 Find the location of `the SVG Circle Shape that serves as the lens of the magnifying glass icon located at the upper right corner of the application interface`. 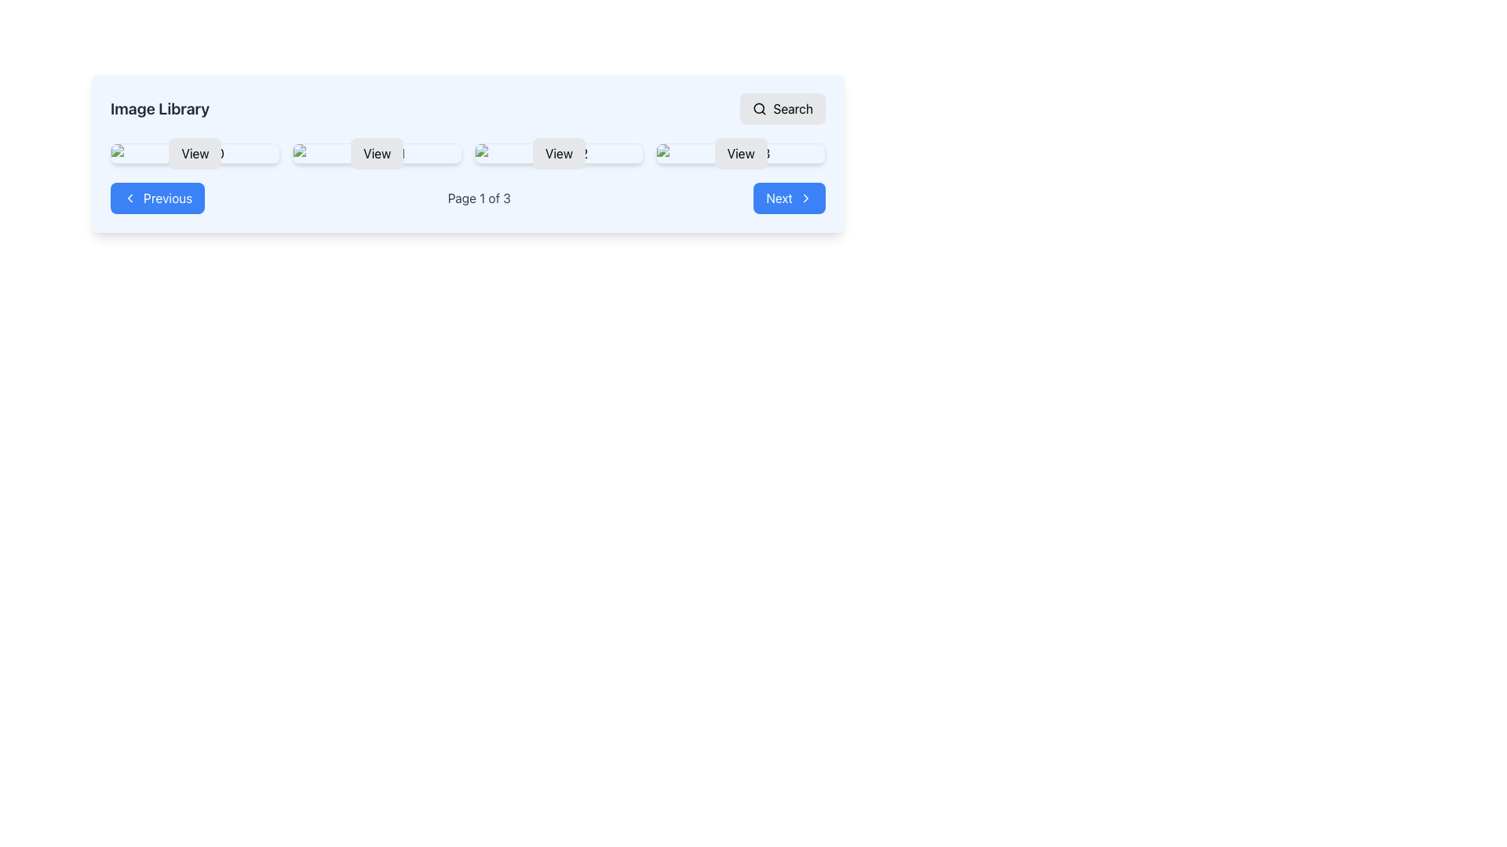

the SVG Circle Shape that serves as the lens of the magnifying glass icon located at the upper right corner of the application interface is located at coordinates (759, 107).